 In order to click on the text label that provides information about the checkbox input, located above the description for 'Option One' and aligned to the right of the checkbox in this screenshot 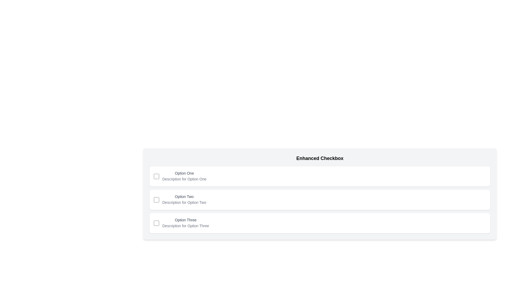, I will do `click(184, 173)`.